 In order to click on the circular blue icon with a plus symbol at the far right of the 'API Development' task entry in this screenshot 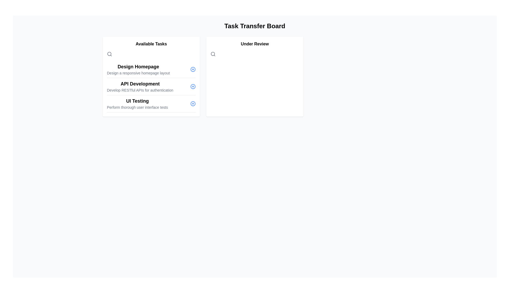, I will do `click(193, 86)`.